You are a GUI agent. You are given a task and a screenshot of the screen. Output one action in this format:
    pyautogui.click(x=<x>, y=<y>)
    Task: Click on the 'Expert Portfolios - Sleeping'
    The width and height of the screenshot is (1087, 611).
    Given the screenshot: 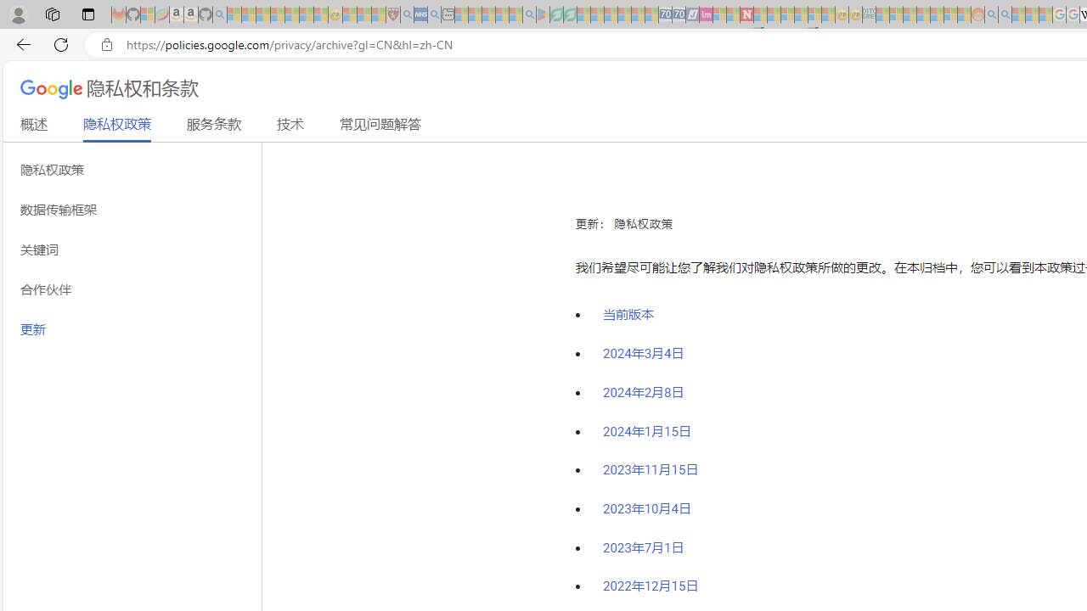 What is the action you would take?
    pyautogui.click(x=922, y=14)
    